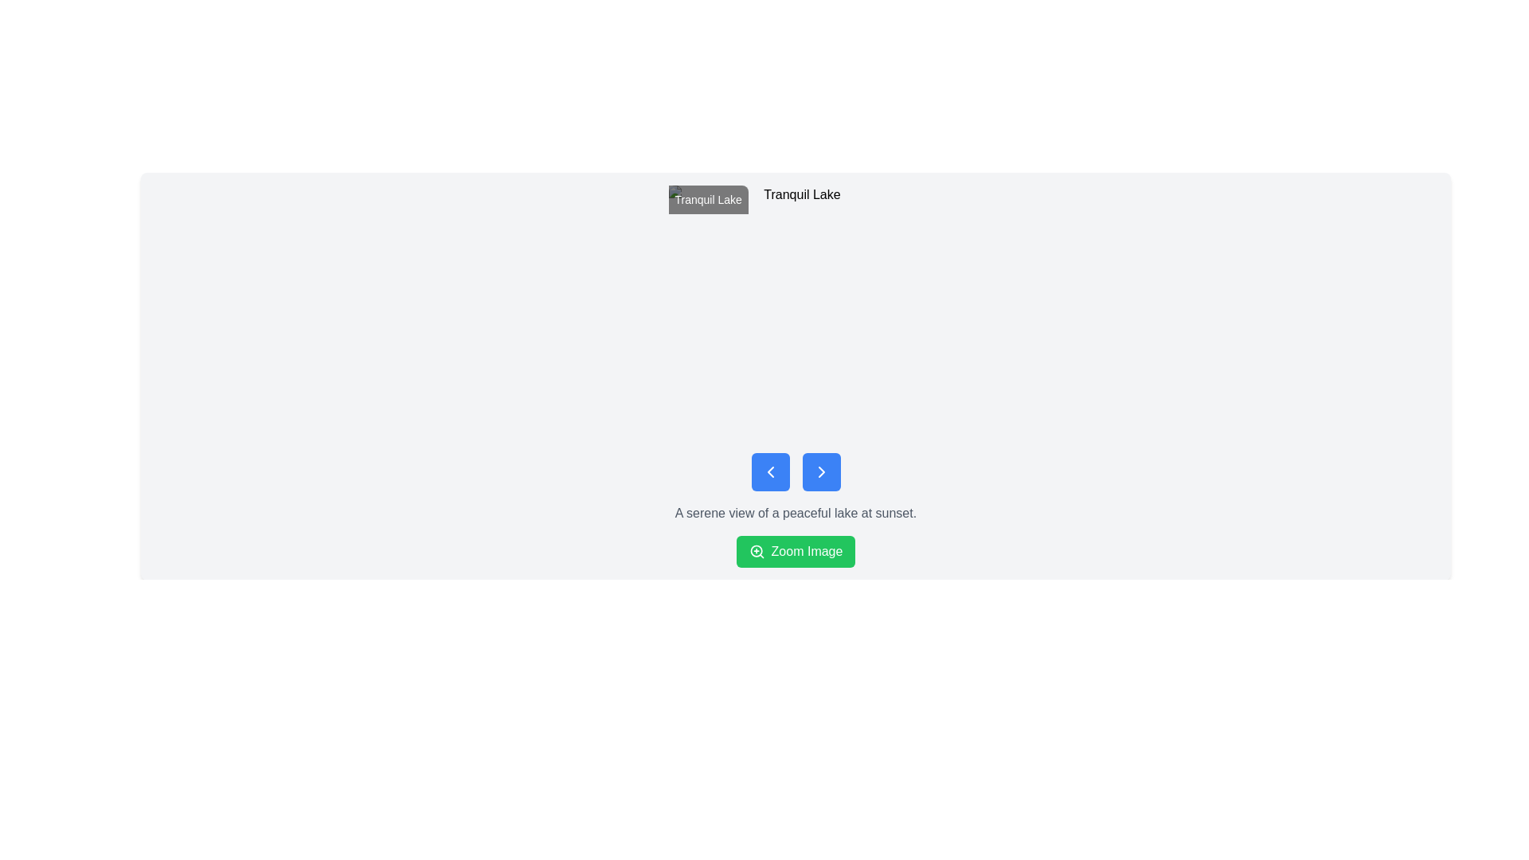  I want to click on the right-pointing chevron button, which is a blue square with rounded corners located at the center-bottom of the interface, so click(821, 471).